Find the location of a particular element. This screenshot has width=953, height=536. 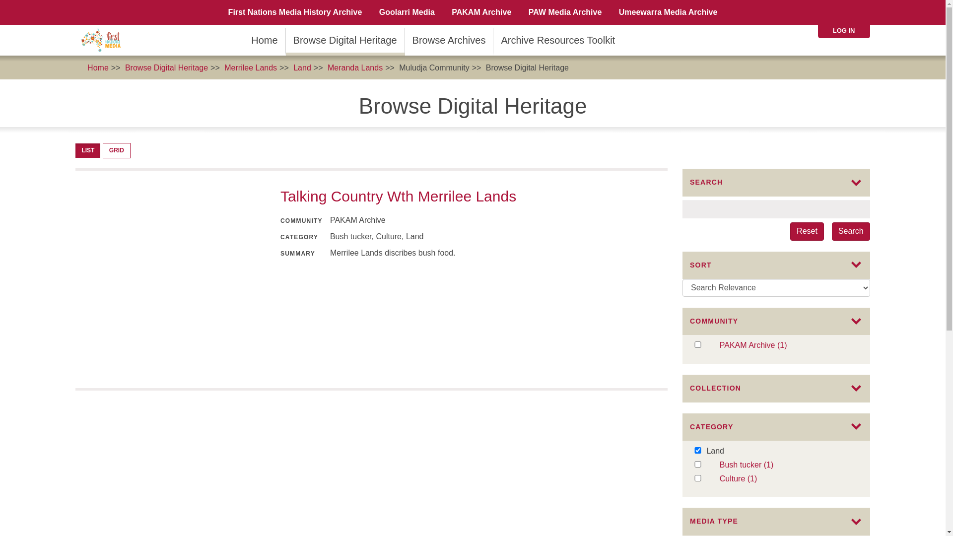

'Bush tucker (1) is located at coordinates (719, 465).